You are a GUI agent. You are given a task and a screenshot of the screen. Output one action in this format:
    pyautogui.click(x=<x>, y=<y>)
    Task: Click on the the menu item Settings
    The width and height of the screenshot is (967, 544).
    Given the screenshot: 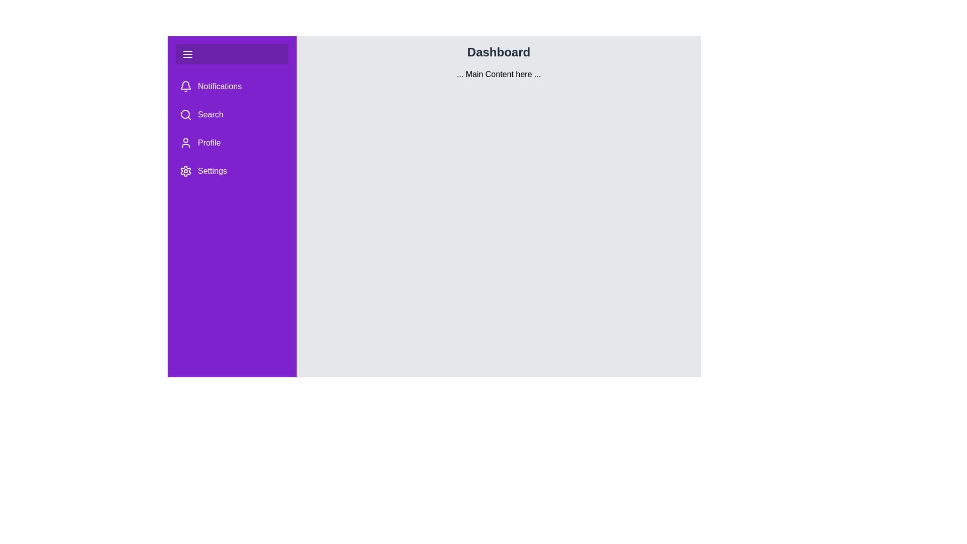 What is the action you would take?
    pyautogui.click(x=231, y=170)
    